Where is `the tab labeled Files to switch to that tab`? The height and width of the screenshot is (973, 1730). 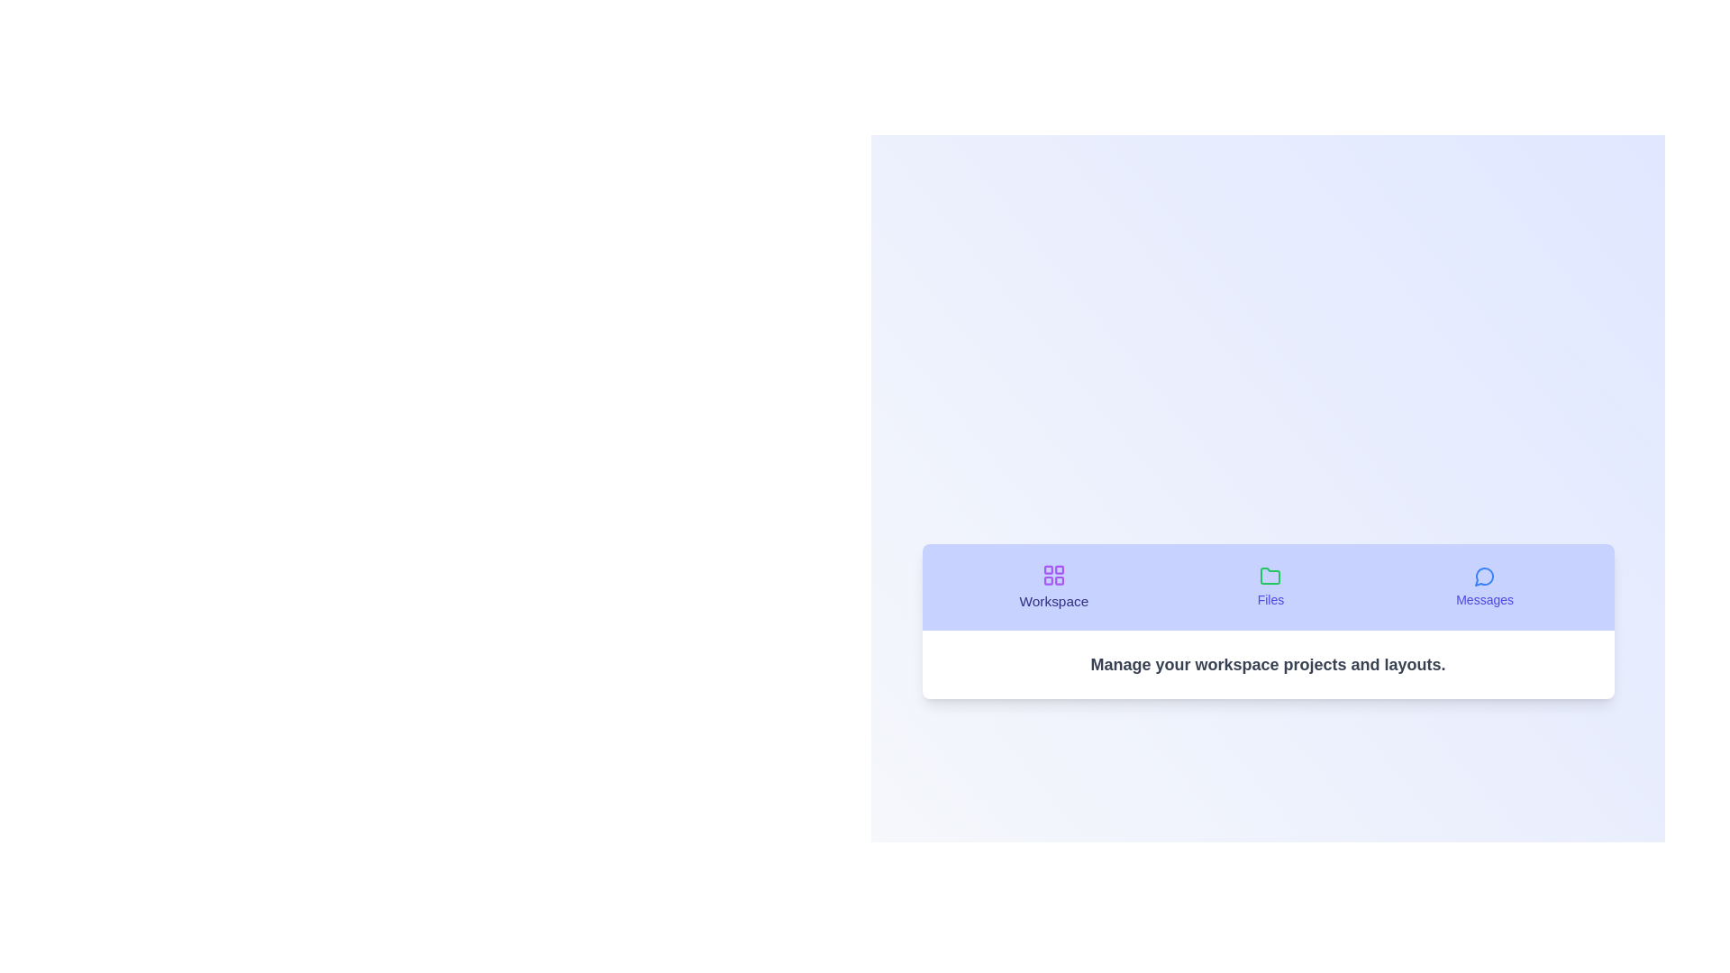
the tab labeled Files to switch to that tab is located at coordinates (1270, 587).